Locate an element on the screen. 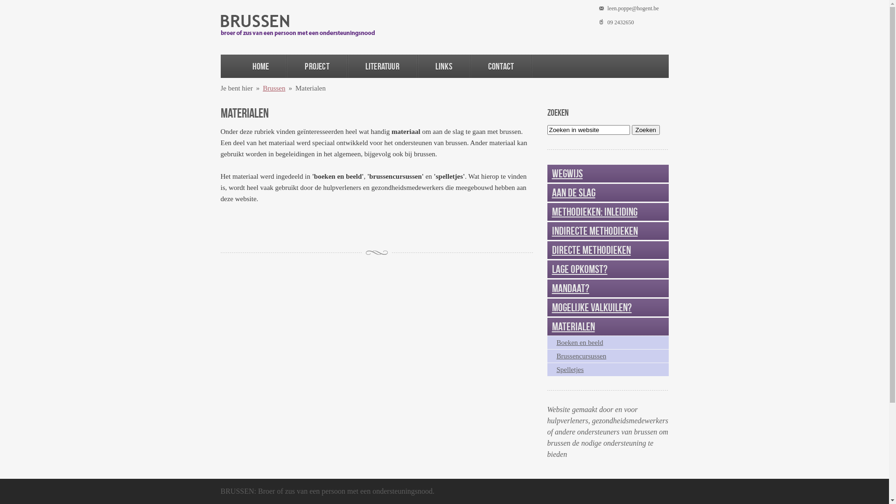 The width and height of the screenshot is (896, 504). 'Spelletjes' is located at coordinates (569, 369).